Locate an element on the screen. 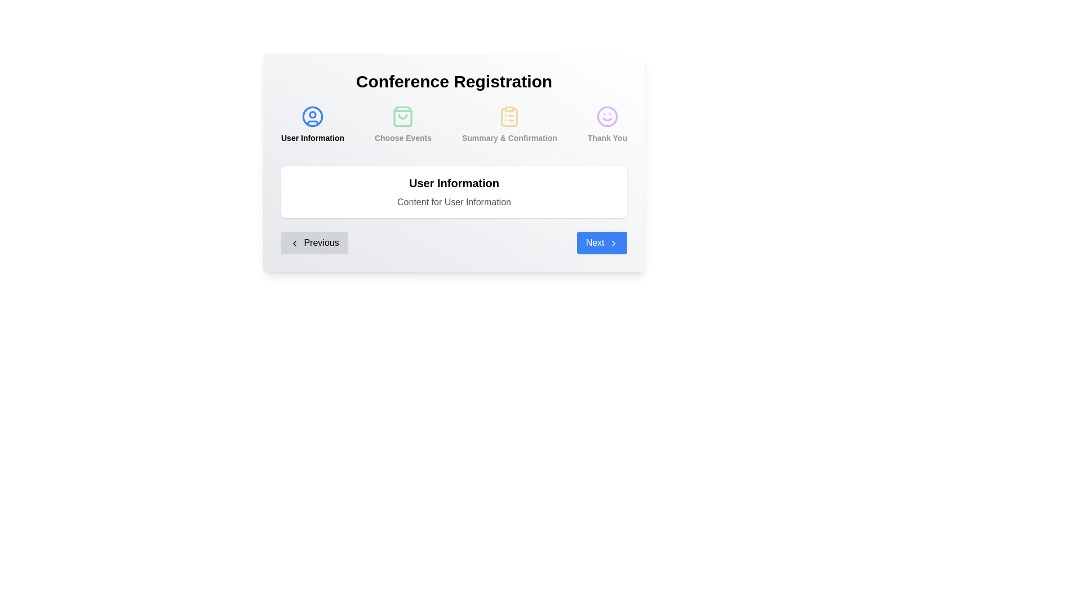 This screenshot has width=1082, height=609. the heading text label 'Conference Registration', which is styled in a large, bold font and is centered at the top of the interface is located at coordinates (454, 81).